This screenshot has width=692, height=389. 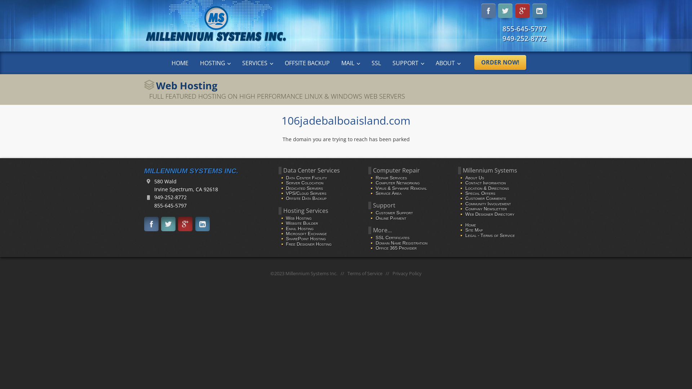 What do you see at coordinates (392, 237) in the screenshot?
I see `'SSL Certificates'` at bounding box center [392, 237].